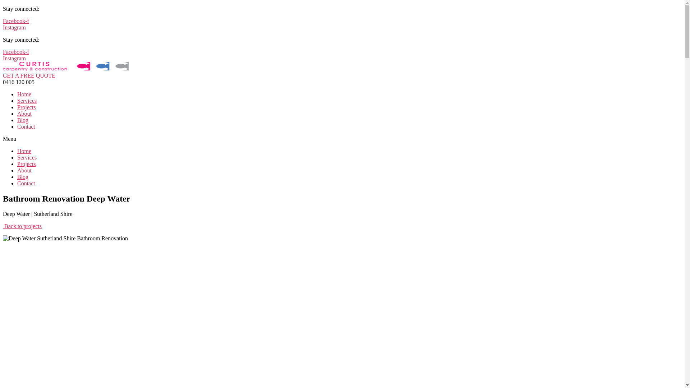 The width and height of the screenshot is (690, 388). Describe the element at coordinates (17, 113) in the screenshot. I see `'About'` at that location.